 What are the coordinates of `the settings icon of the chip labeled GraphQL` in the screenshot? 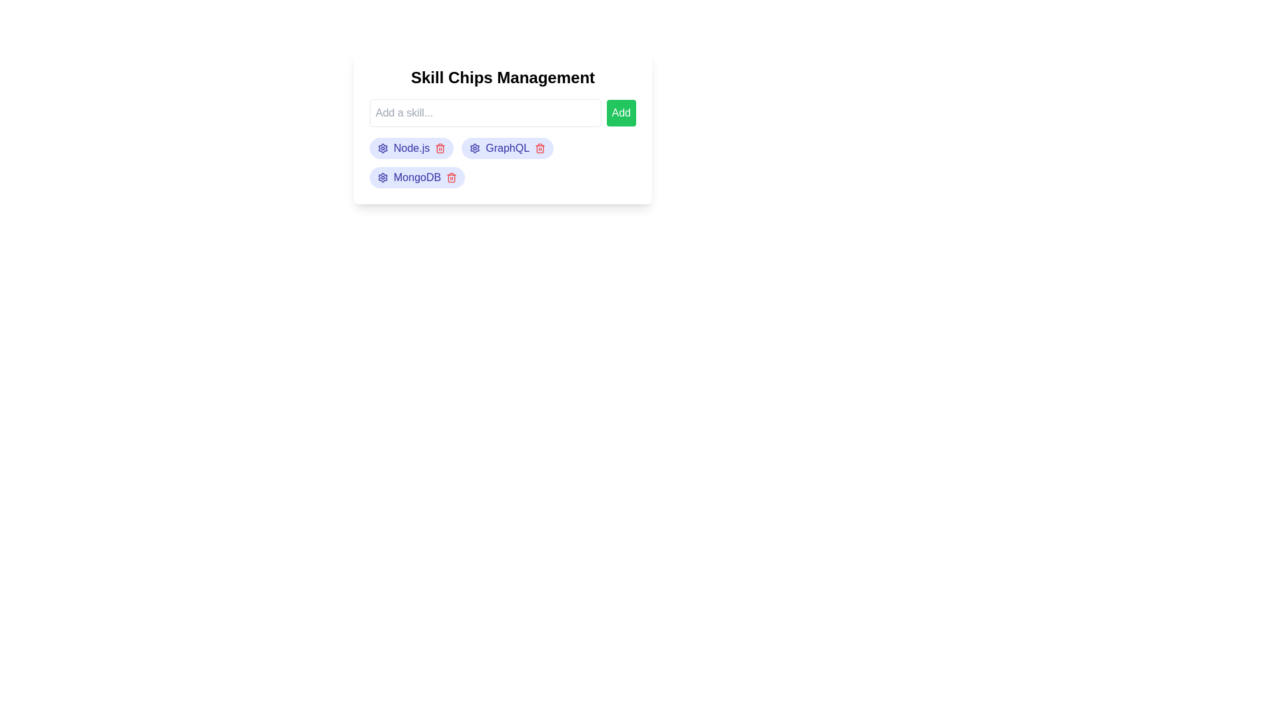 It's located at (475, 148).